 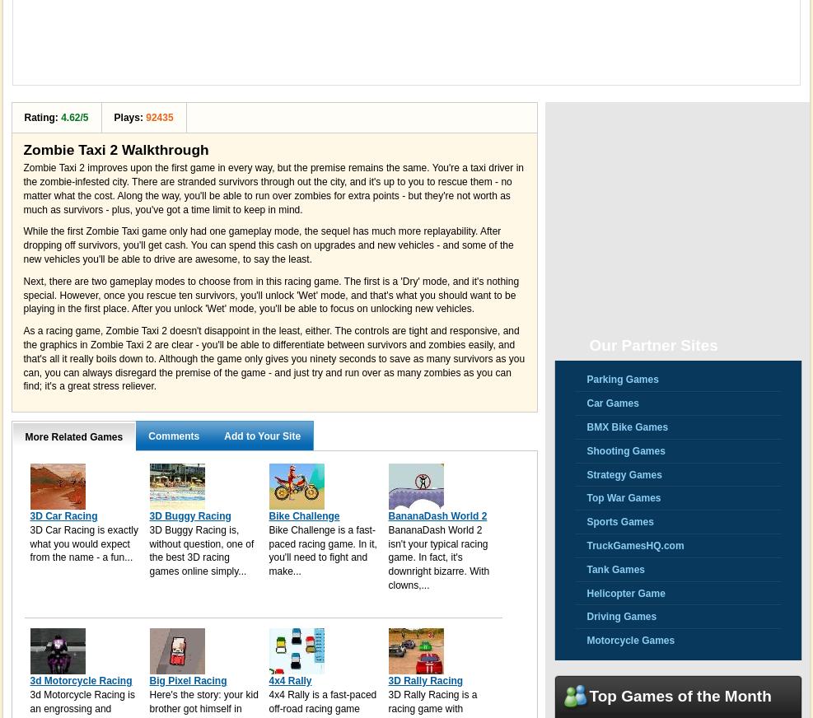 I want to click on 'Driving Games', so click(x=620, y=615).